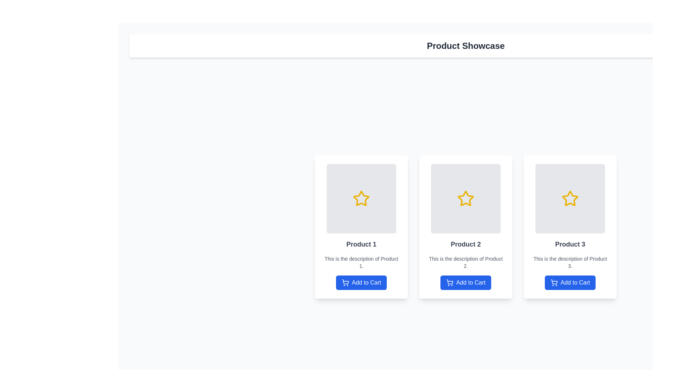 The width and height of the screenshot is (696, 391). Describe the element at coordinates (466, 198) in the screenshot. I see `the visual representation of 'Product 2' located in the upper section of its card` at that location.